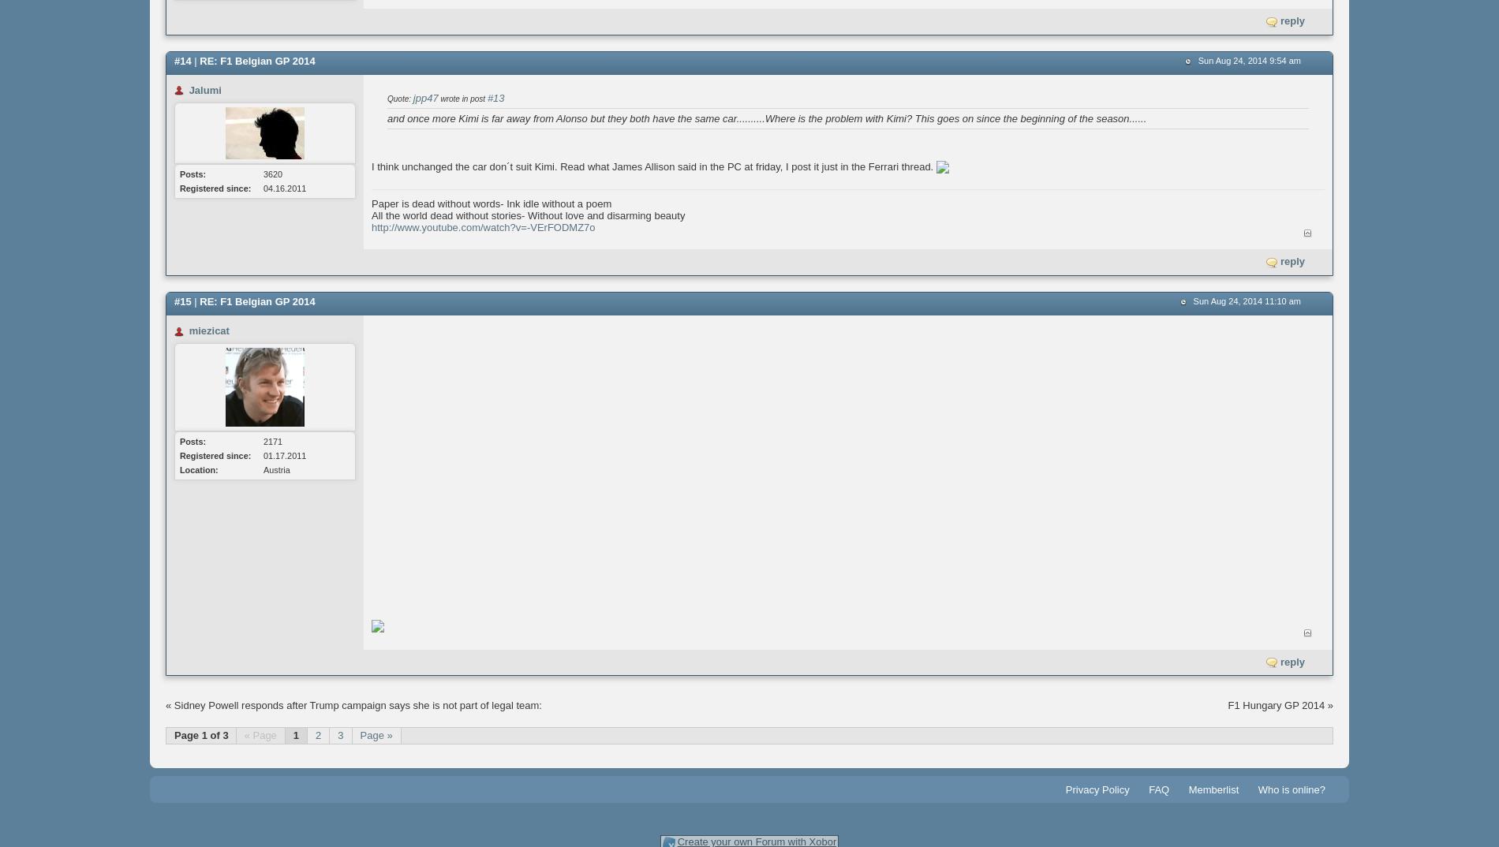 This screenshot has height=847, width=1499. I want to click on 'Privacy Policy', so click(1064, 789).